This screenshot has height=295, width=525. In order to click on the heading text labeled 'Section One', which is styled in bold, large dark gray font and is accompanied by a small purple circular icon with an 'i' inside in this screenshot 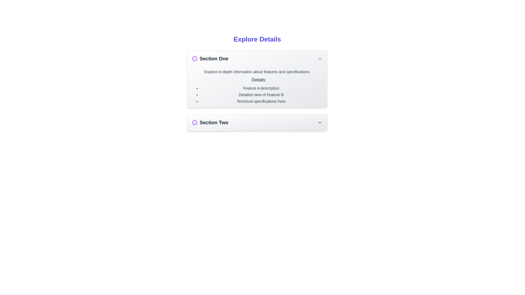, I will do `click(210, 59)`.